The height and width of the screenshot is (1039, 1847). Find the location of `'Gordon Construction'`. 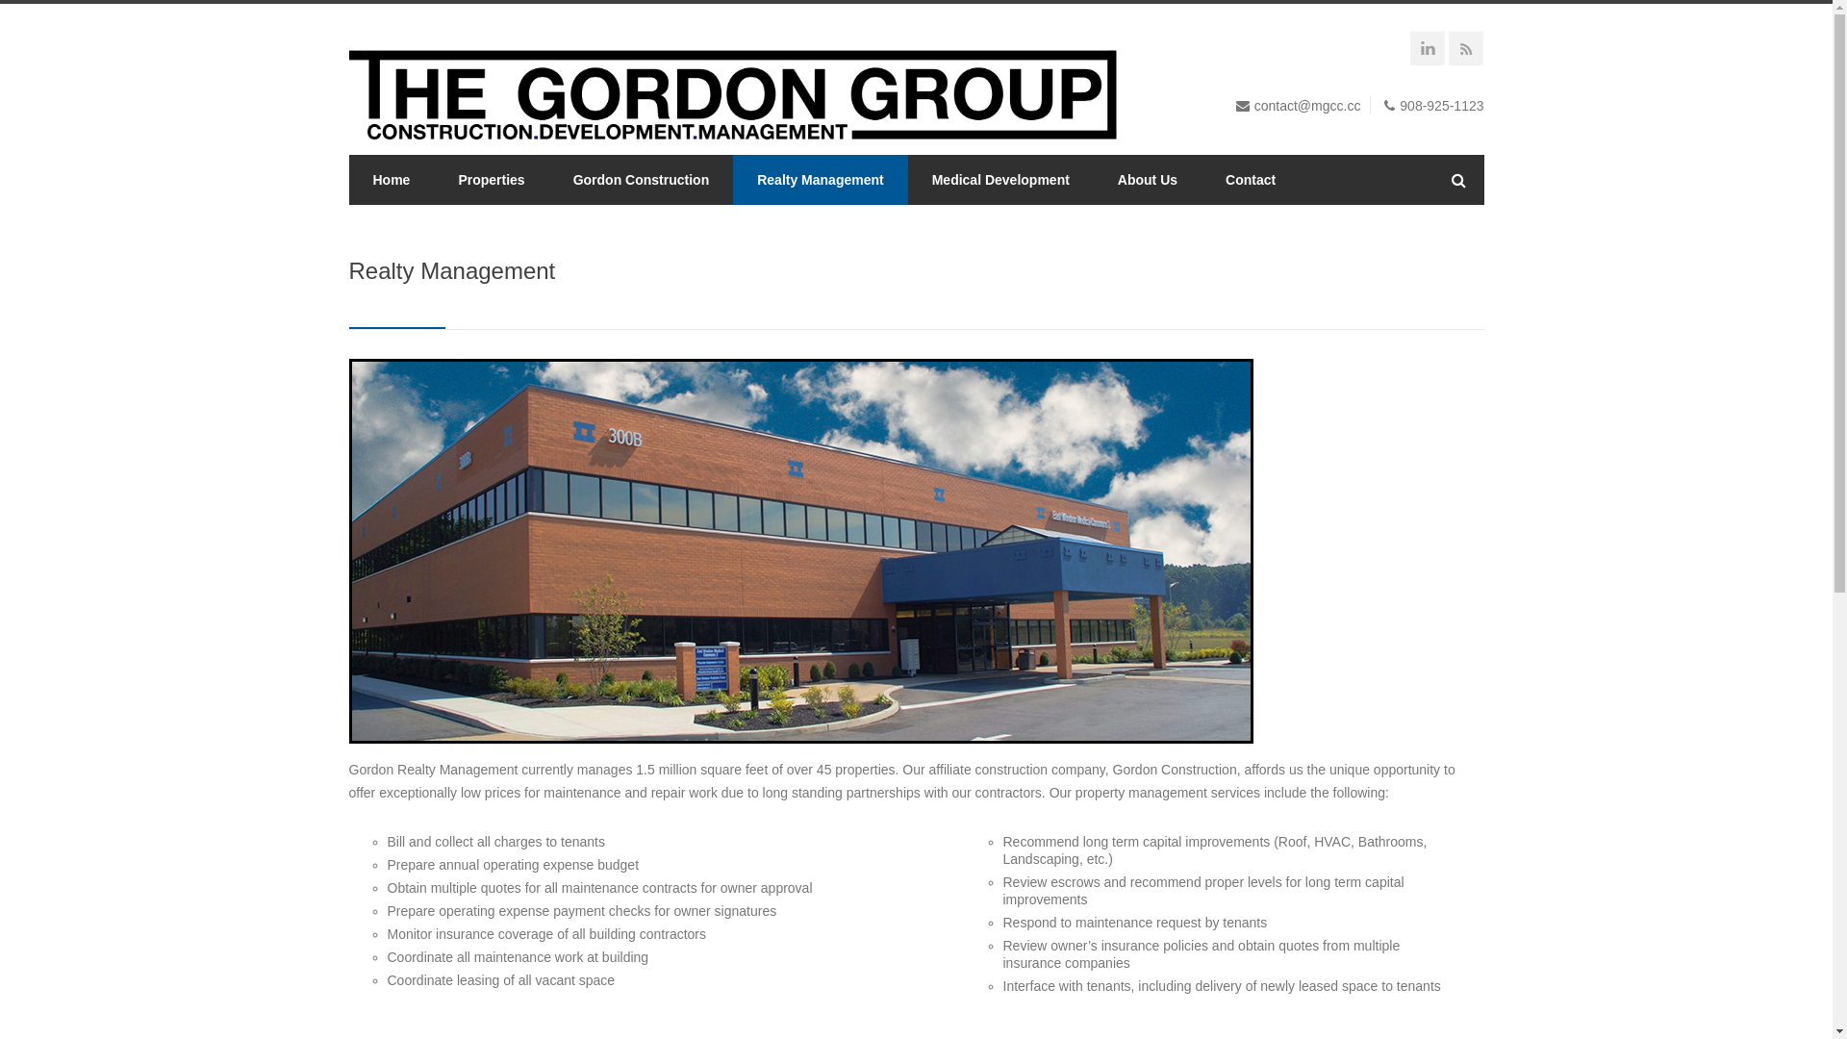

'Gordon Construction' is located at coordinates (548, 179).